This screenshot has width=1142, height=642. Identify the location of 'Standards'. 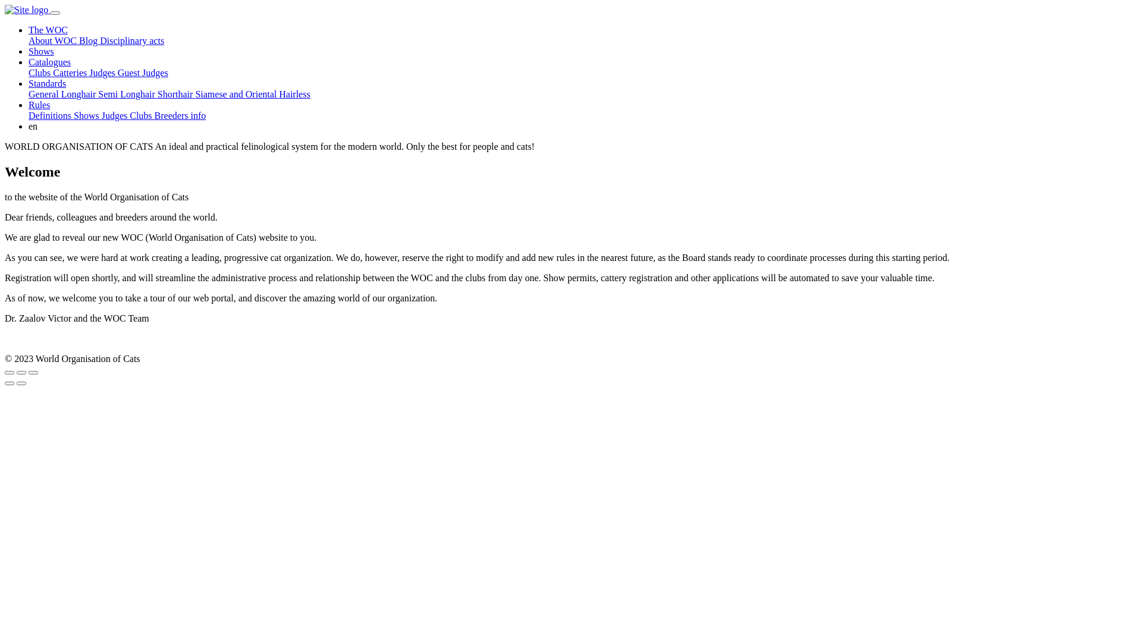
(47, 83).